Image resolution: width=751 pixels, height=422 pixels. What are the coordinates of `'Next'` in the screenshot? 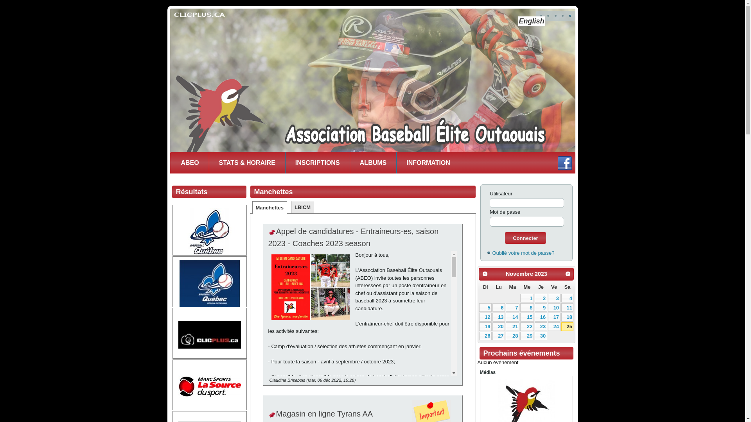 It's located at (568, 274).